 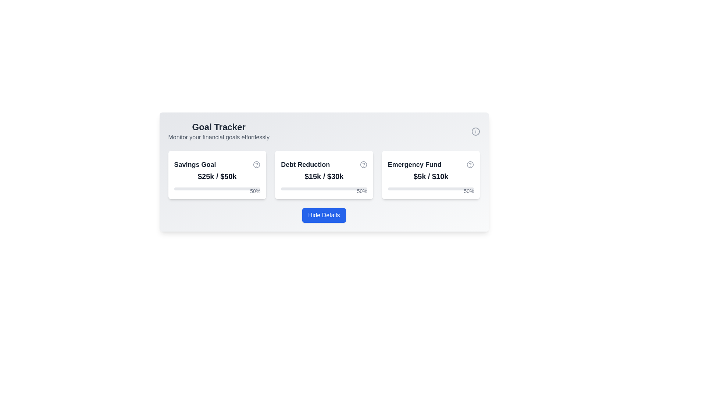 I want to click on the static text element displaying '50%' located in the top-right corner of the 'Debt Reduction' card, near the progress bar, so click(x=362, y=191).